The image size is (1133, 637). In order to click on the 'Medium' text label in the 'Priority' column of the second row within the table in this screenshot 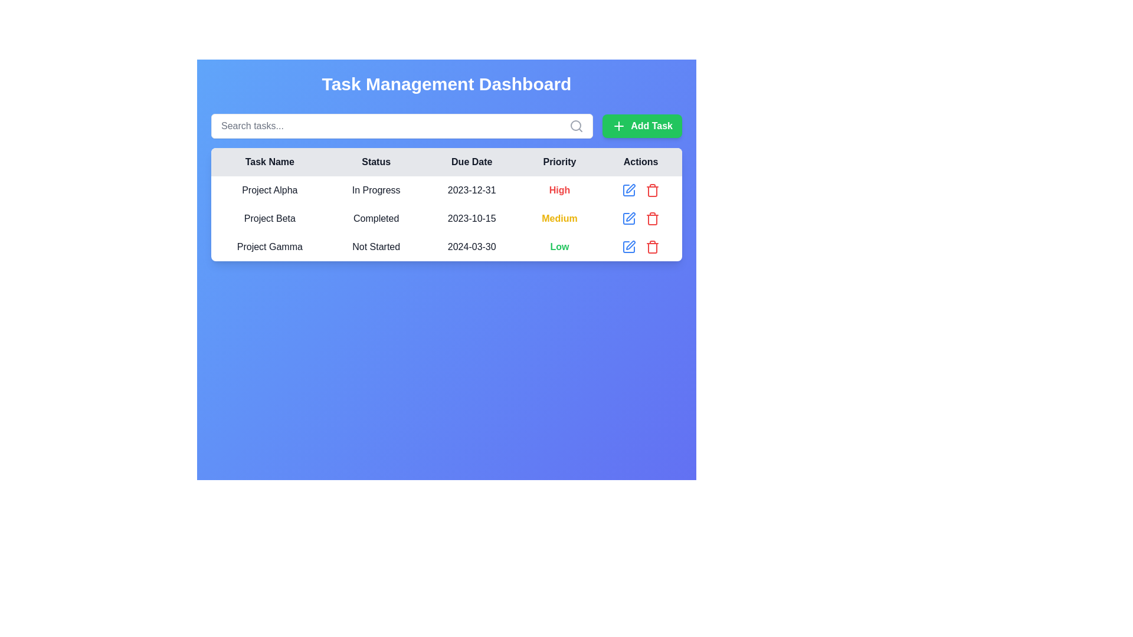, I will do `click(559, 218)`.